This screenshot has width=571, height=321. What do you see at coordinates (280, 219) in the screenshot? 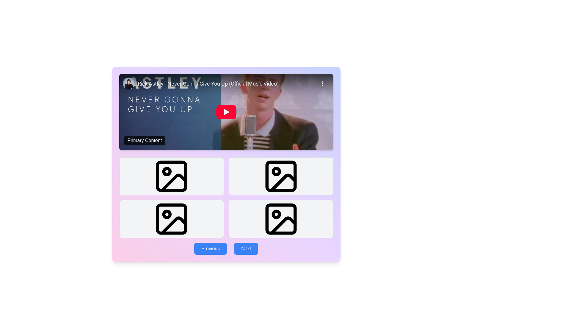
I see `the Image placeholder element, which is a rectangular area with a light gray background and a black image placeholder symbol, located in the second row and second column of the grid layout` at bounding box center [280, 219].